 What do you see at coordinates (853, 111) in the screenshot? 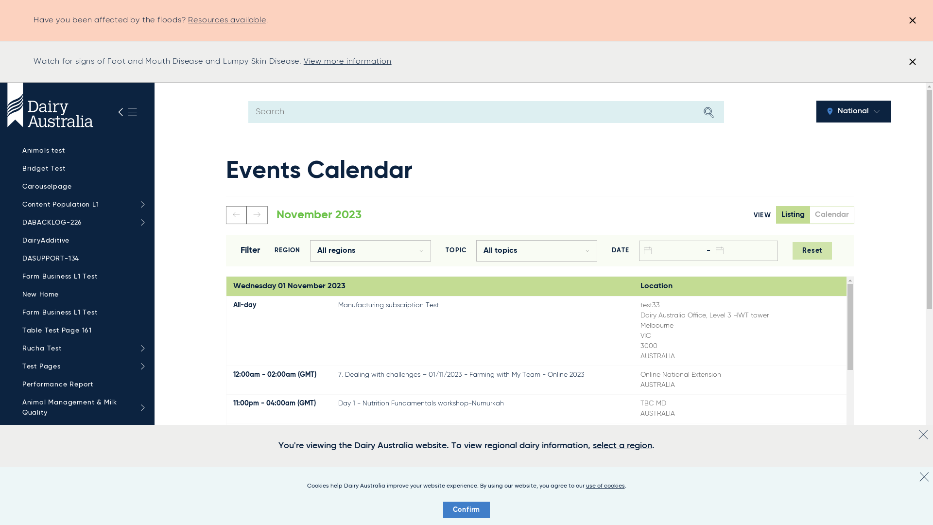
I see `'National'` at bounding box center [853, 111].